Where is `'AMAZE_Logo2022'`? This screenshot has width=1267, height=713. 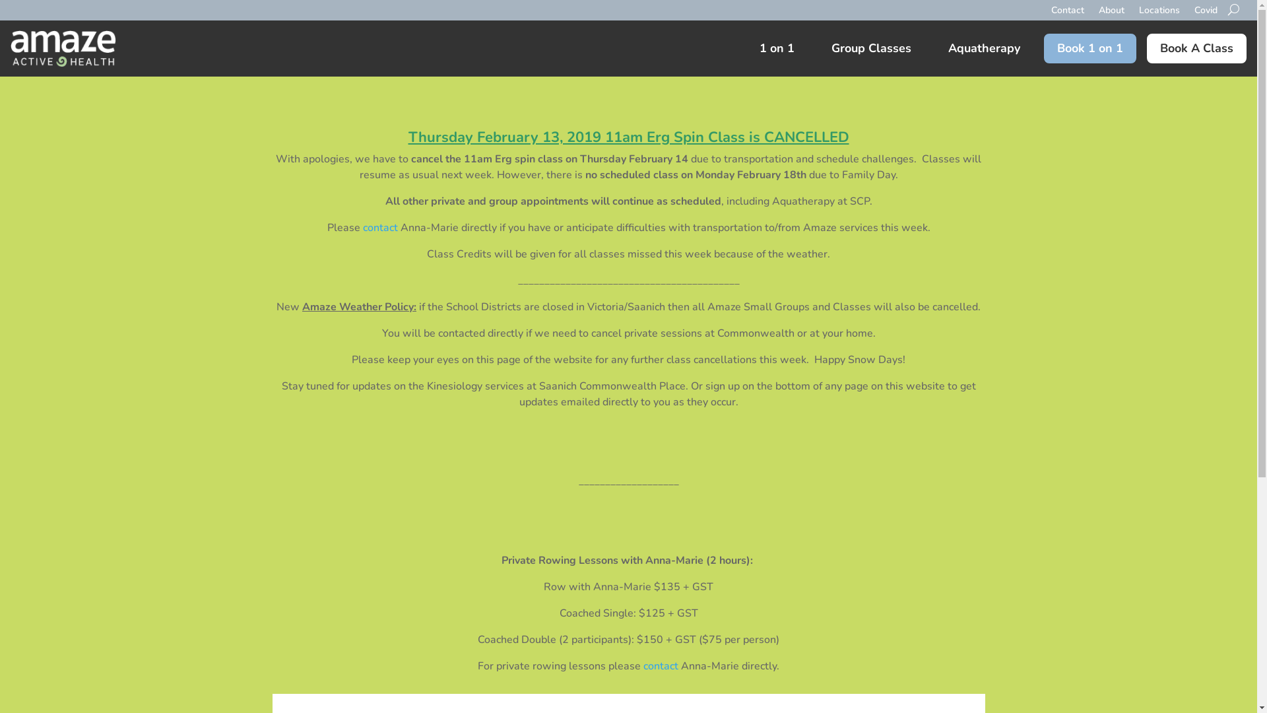 'AMAZE_Logo2022' is located at coordinates (63, 48).